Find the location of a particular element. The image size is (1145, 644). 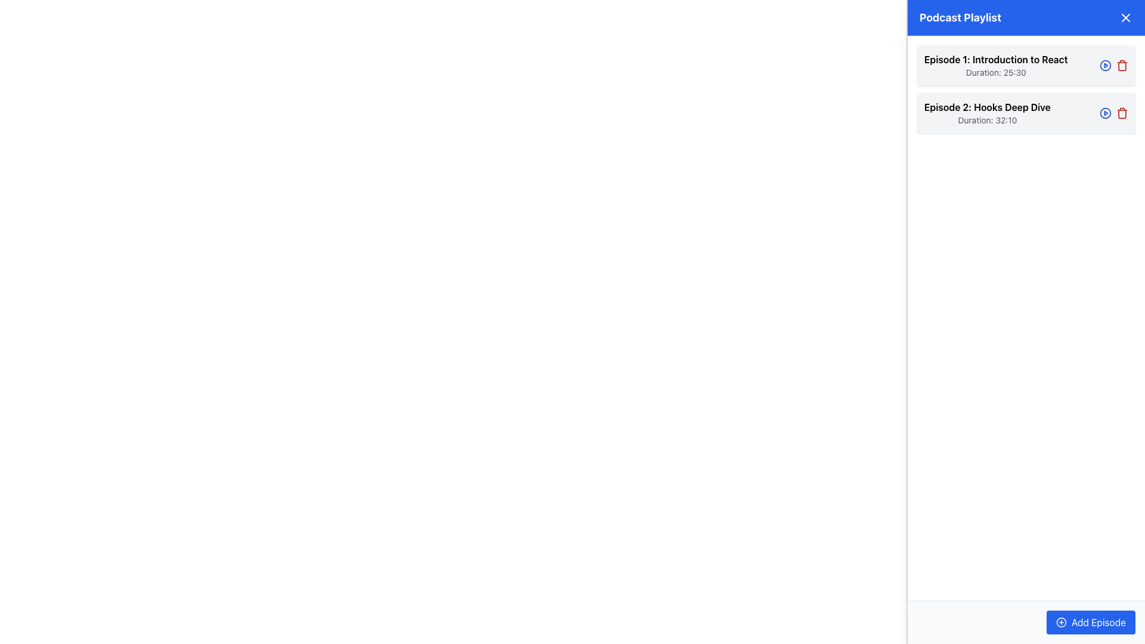

the podcast episode entry located at the topmost slot of the list displayed in the right-hand panel, which has a light gray background and slightly rounded corners is located at coordinates (996, 66).